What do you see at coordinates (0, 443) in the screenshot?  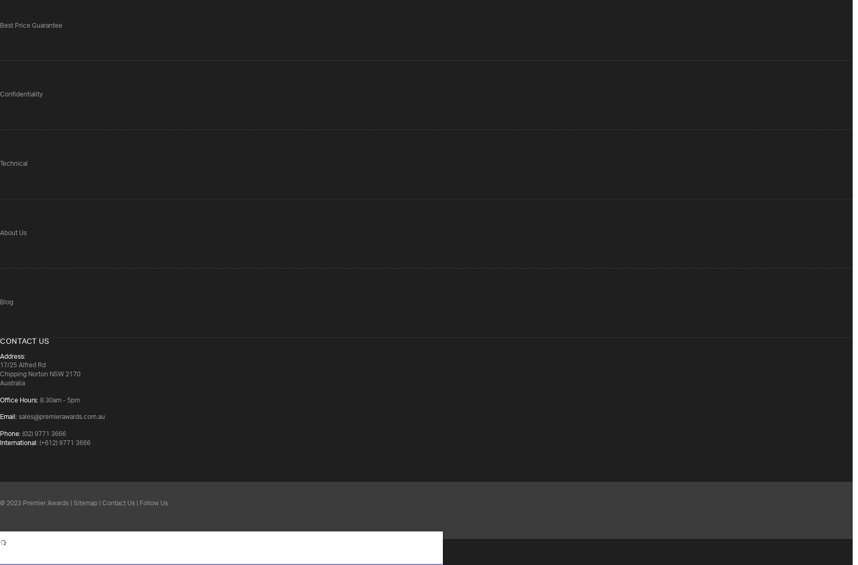 I see `'International:'` at bounding box center [0, 443].